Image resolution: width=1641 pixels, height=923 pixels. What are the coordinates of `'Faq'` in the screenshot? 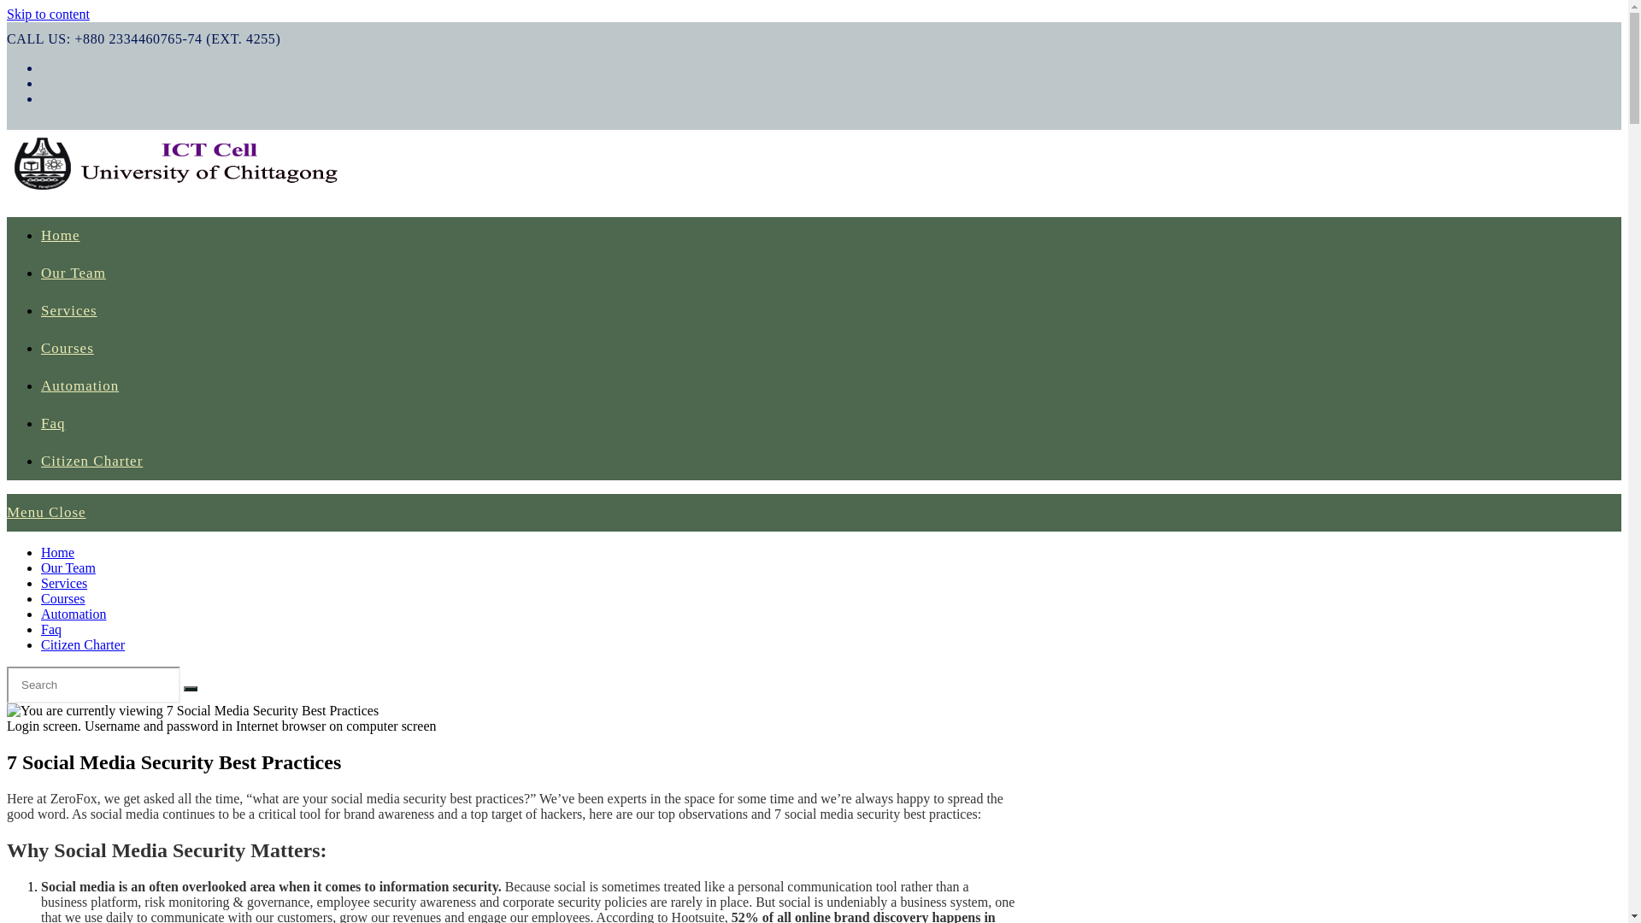 It's located at (53, 423).